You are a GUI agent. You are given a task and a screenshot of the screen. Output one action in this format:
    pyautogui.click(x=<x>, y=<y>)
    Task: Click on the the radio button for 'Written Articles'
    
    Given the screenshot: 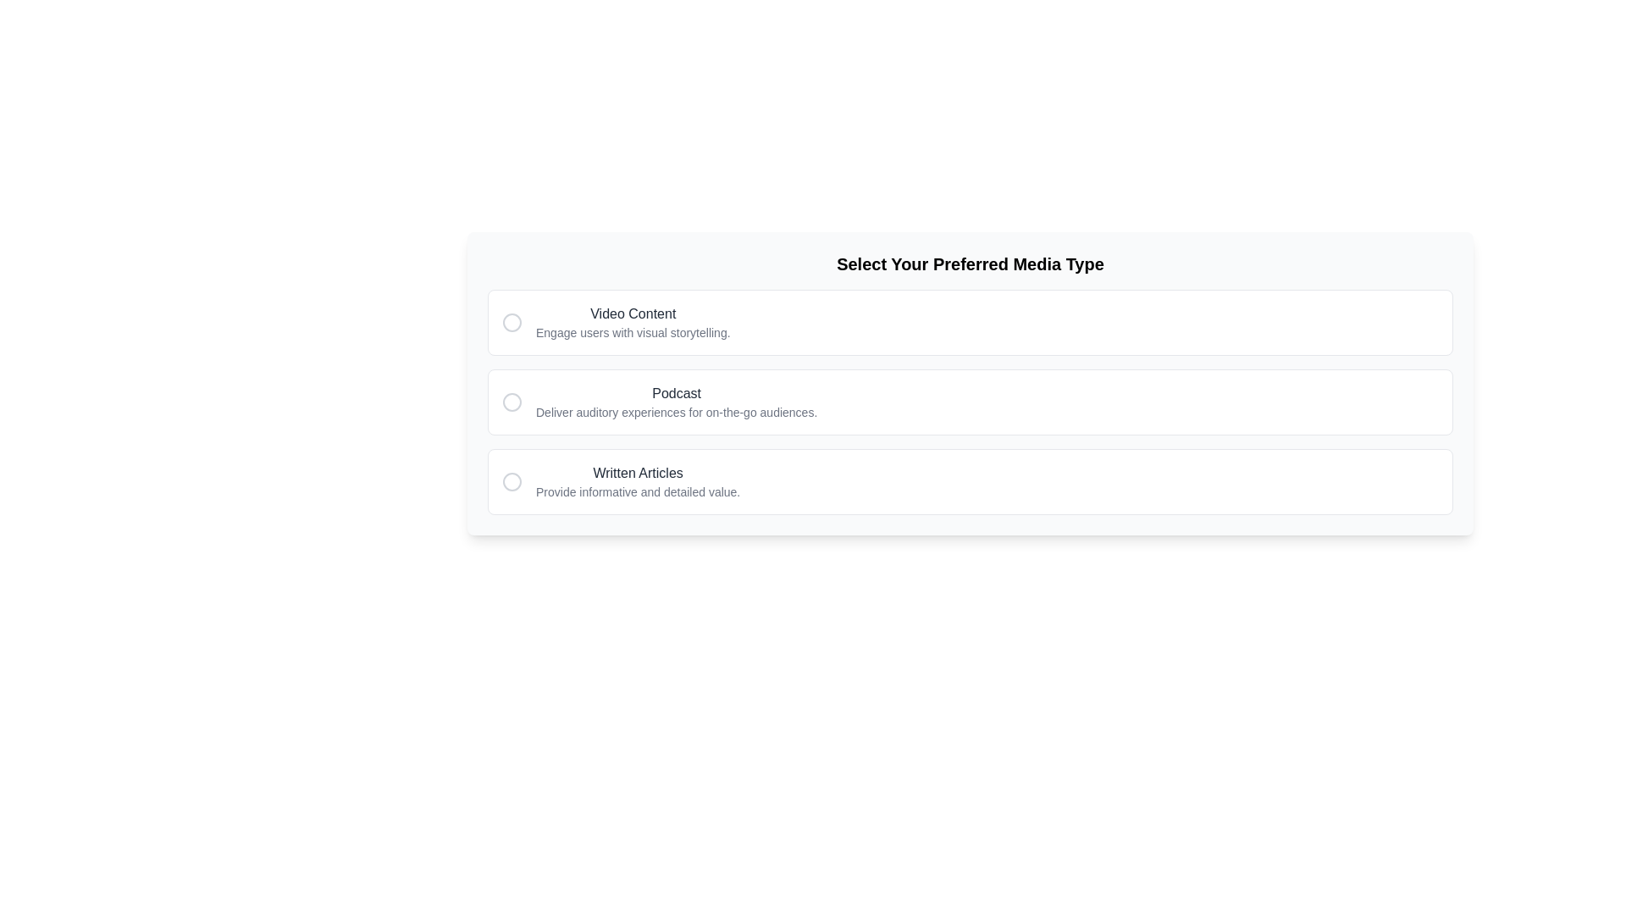 What is the action you would take?
    pyautogui.click(x=511, y=482)
    